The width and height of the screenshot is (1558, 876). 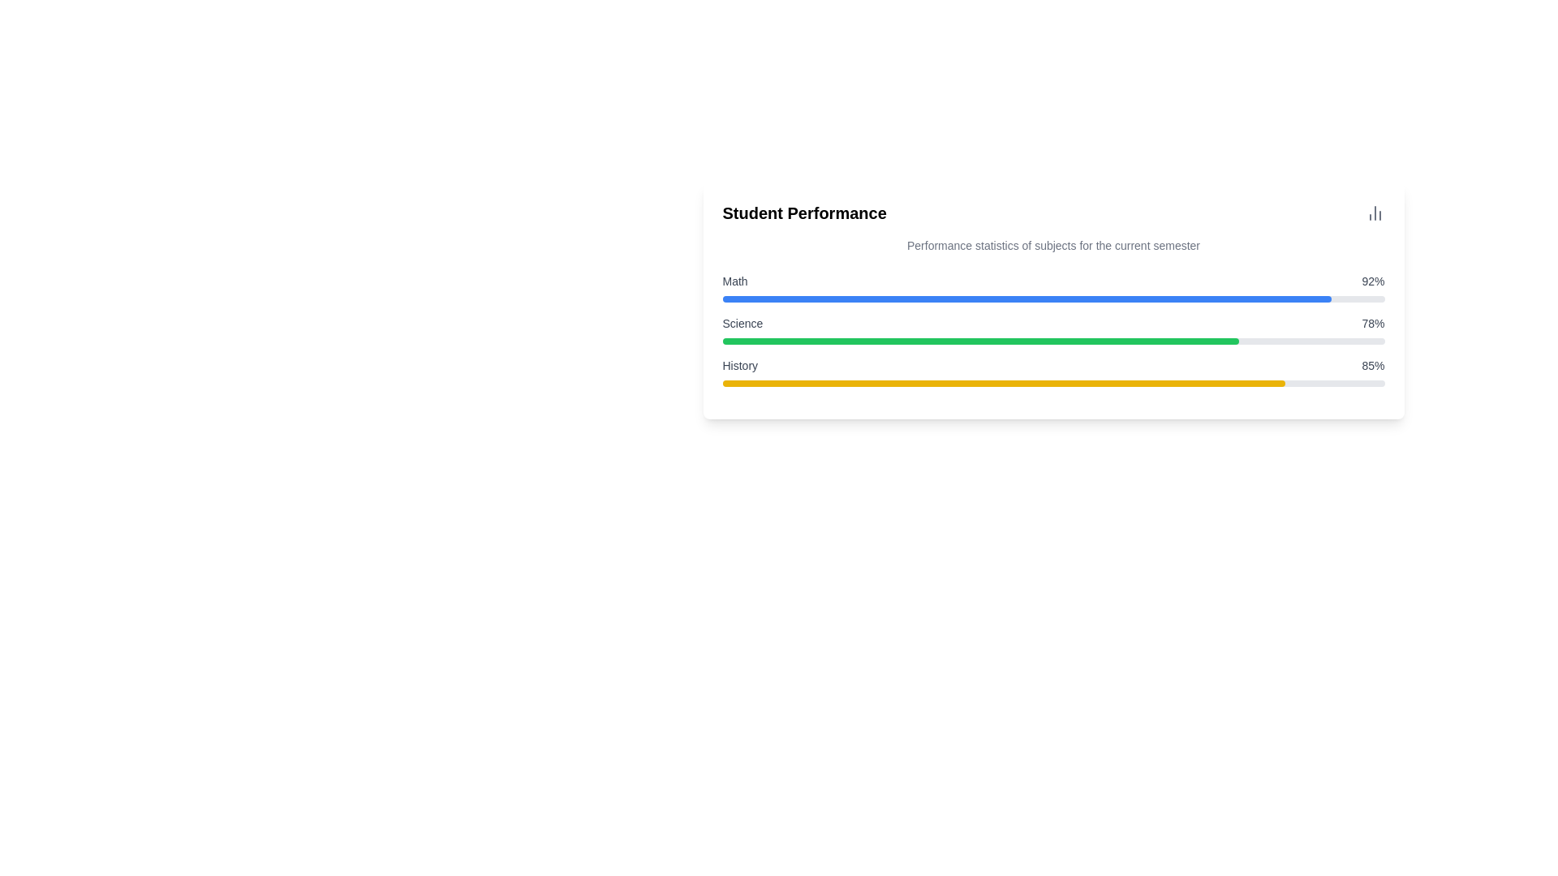 What do you see at coordinates (1053, 323) in the screenshot?
I see `performance metric display row for the 'Science' subject, which is the second row under the 'Student Performance' title, to retrieve additional details` at bounding box center [1053, 323].